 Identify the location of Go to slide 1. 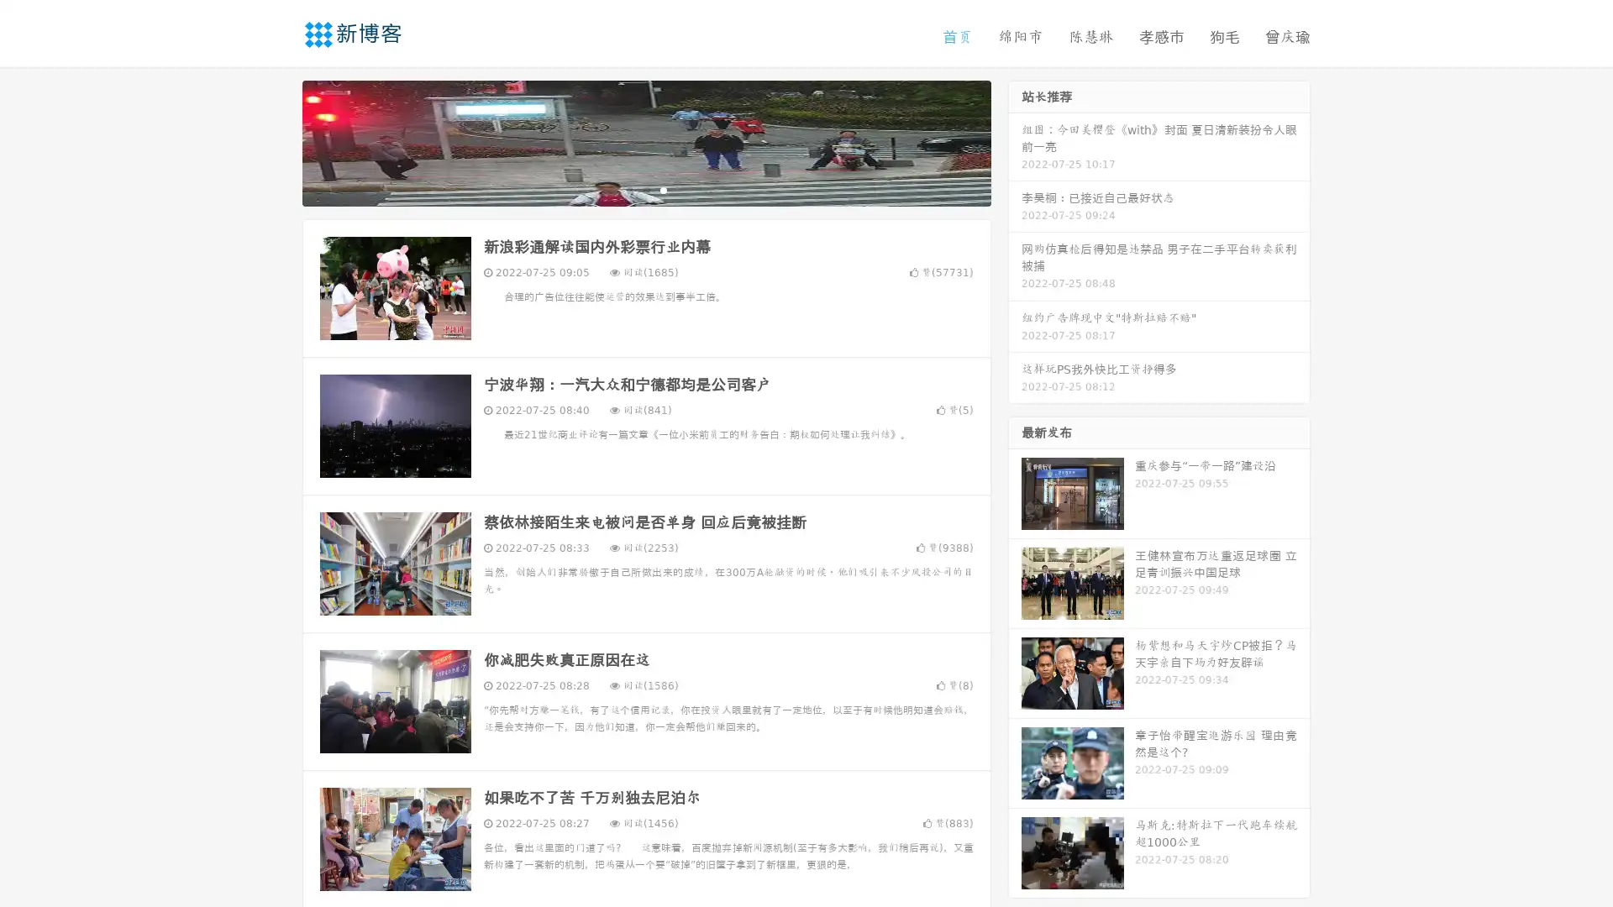
(628, 189).